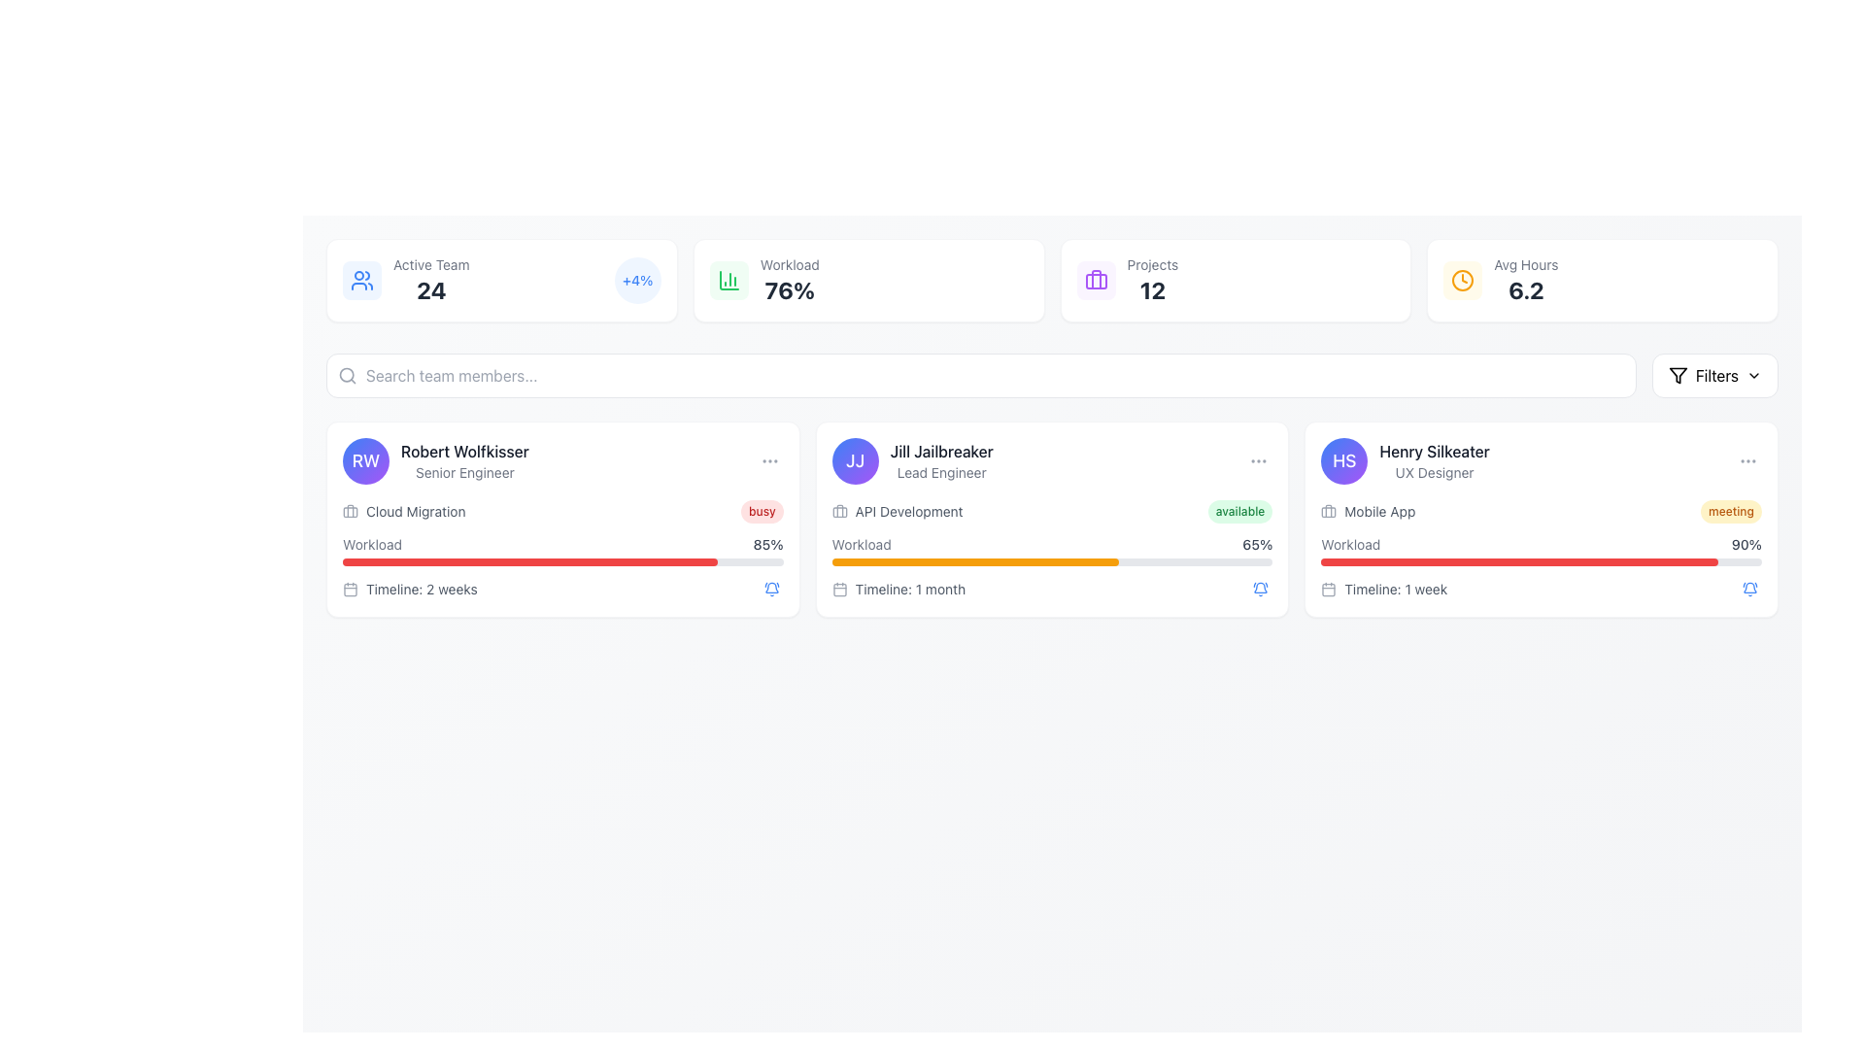 This screenshot has height=1049, width=1865. I want to click on the static text label displaying 'Timeline: 2 weeks', which is styled in a small gray font and located below the workload progress bar of the first task card, so click(421, 588).